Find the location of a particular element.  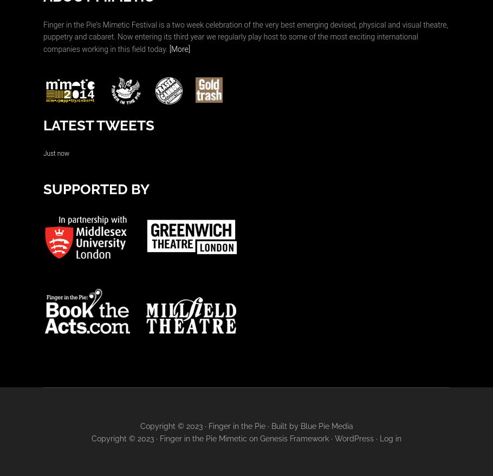

'Copyright © 2023 ·' is located at coordinates (173, 425).